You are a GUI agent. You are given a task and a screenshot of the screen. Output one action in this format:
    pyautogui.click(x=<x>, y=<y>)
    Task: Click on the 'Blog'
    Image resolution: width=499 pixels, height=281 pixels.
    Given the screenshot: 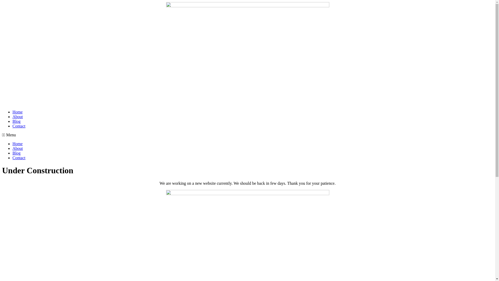 What is the action you would take?
    pyautogui.click(x=16, y=121)
    